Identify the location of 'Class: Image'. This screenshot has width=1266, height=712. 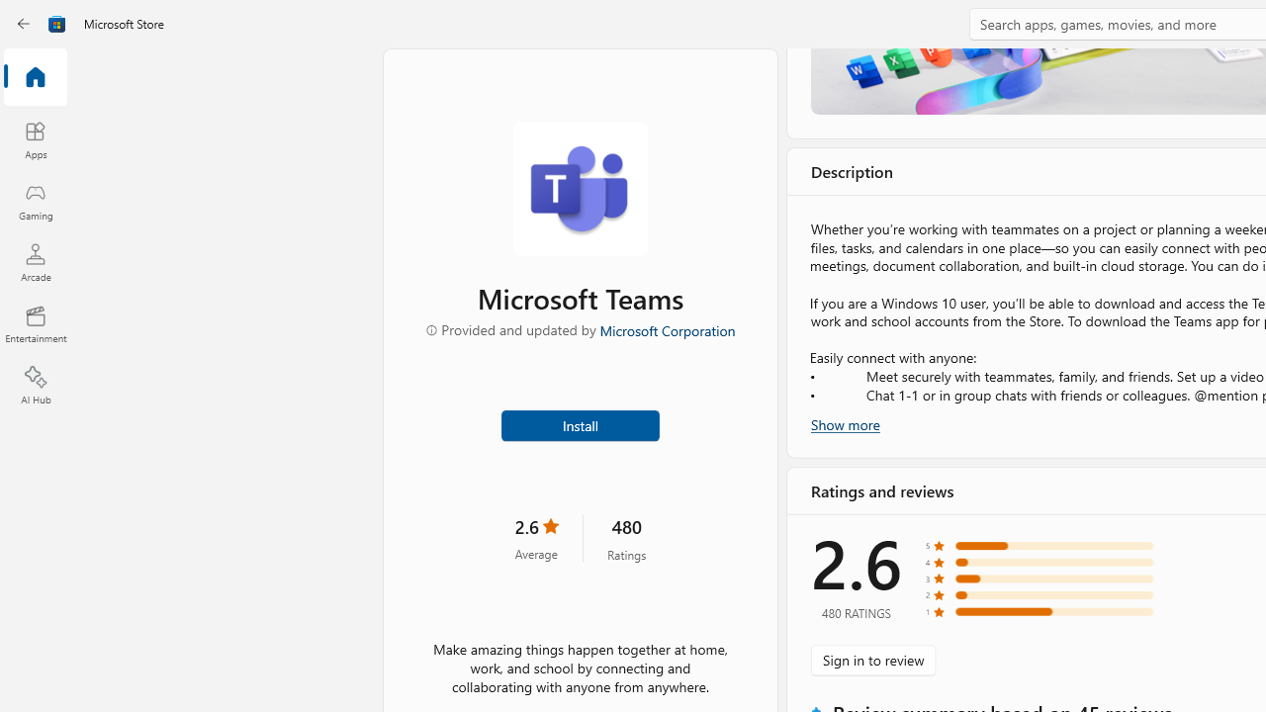
(57, 24).